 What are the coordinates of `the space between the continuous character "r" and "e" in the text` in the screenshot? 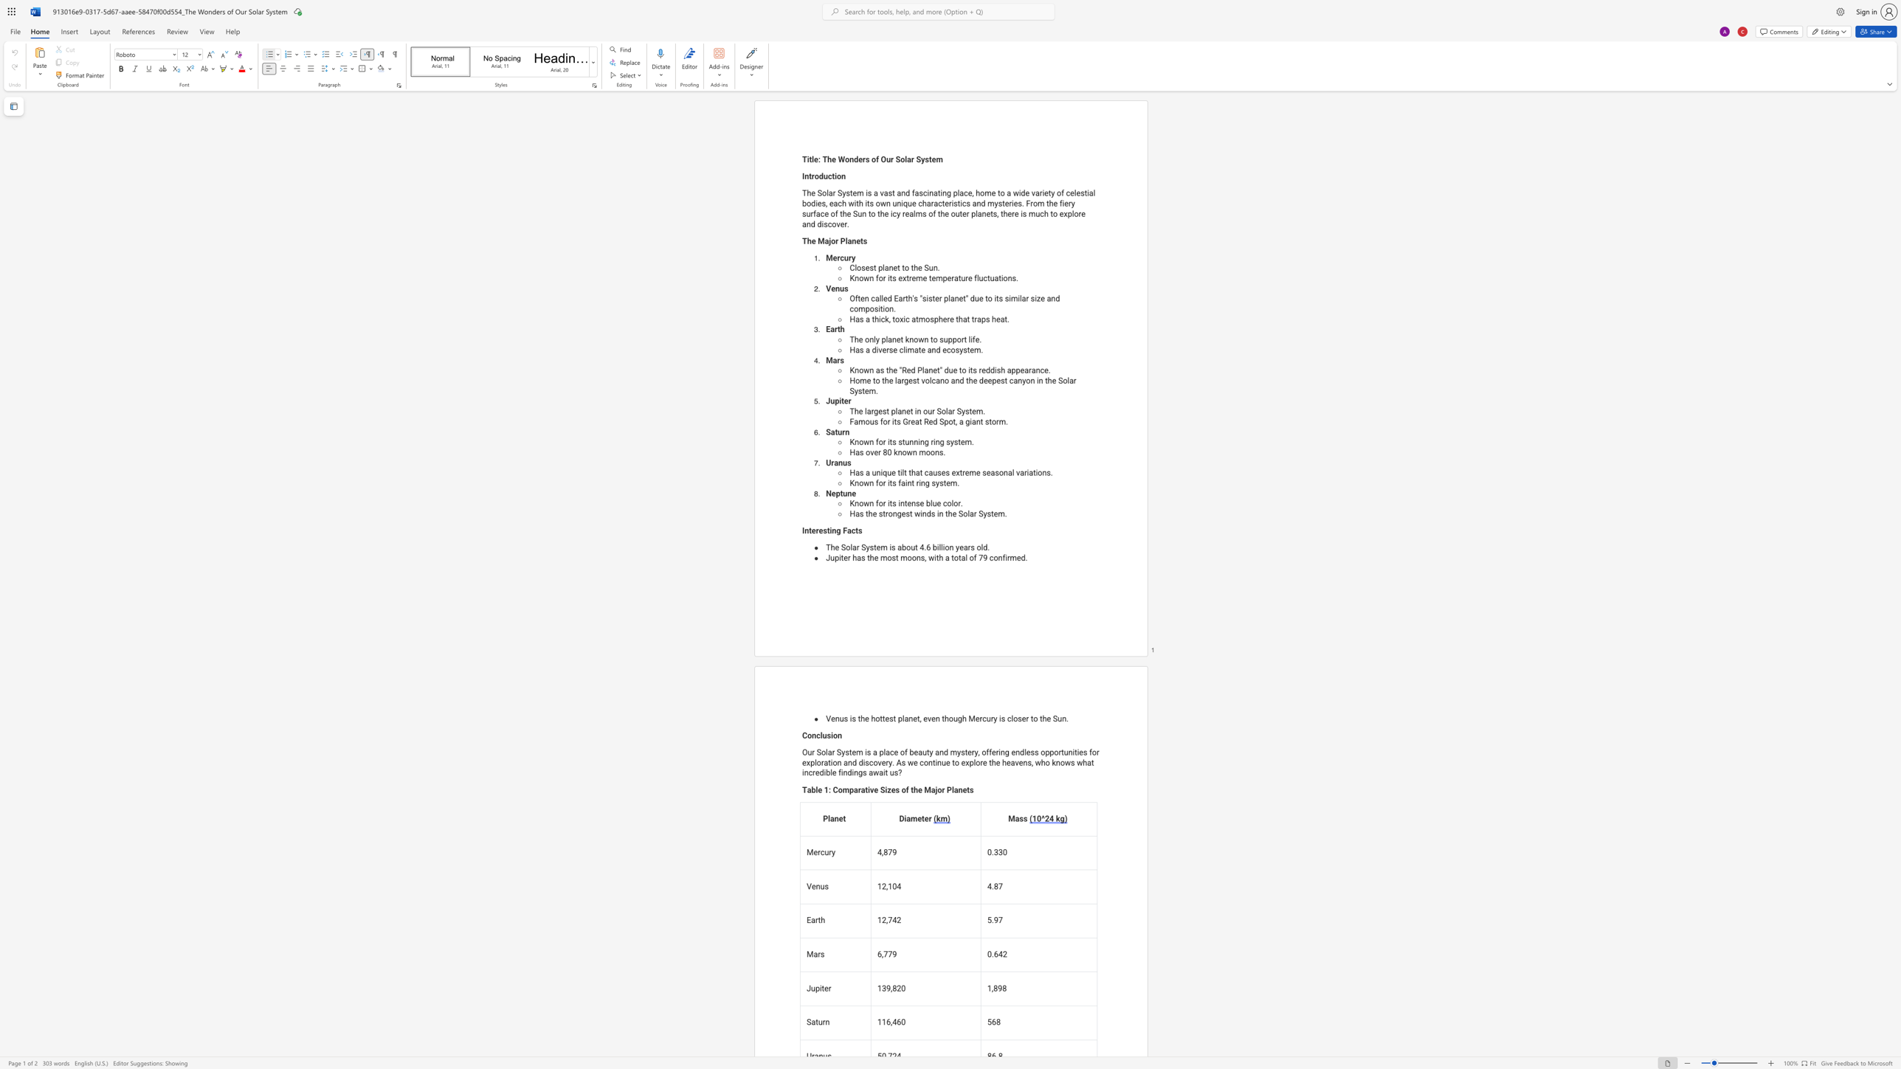 It's located at (911, 421).